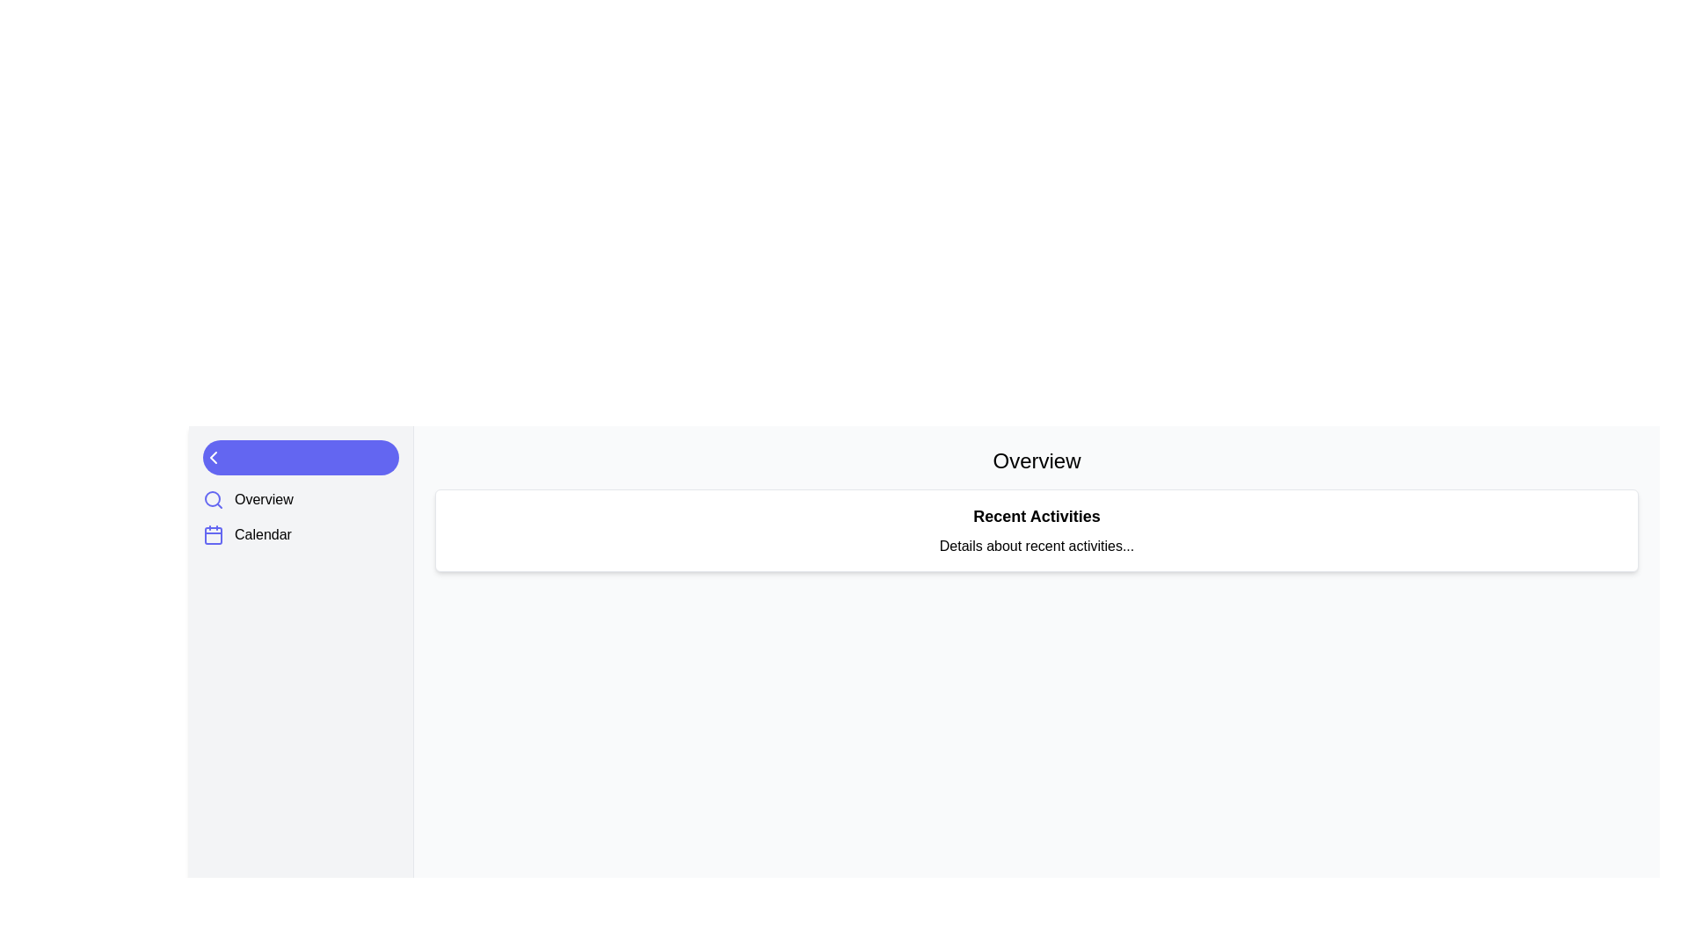 The width and height of the screenshot is (1688, 949). I want to click on the 'Overview' text label in the sidebar navigation area to potentially display a tooltip, so click(263, 500).